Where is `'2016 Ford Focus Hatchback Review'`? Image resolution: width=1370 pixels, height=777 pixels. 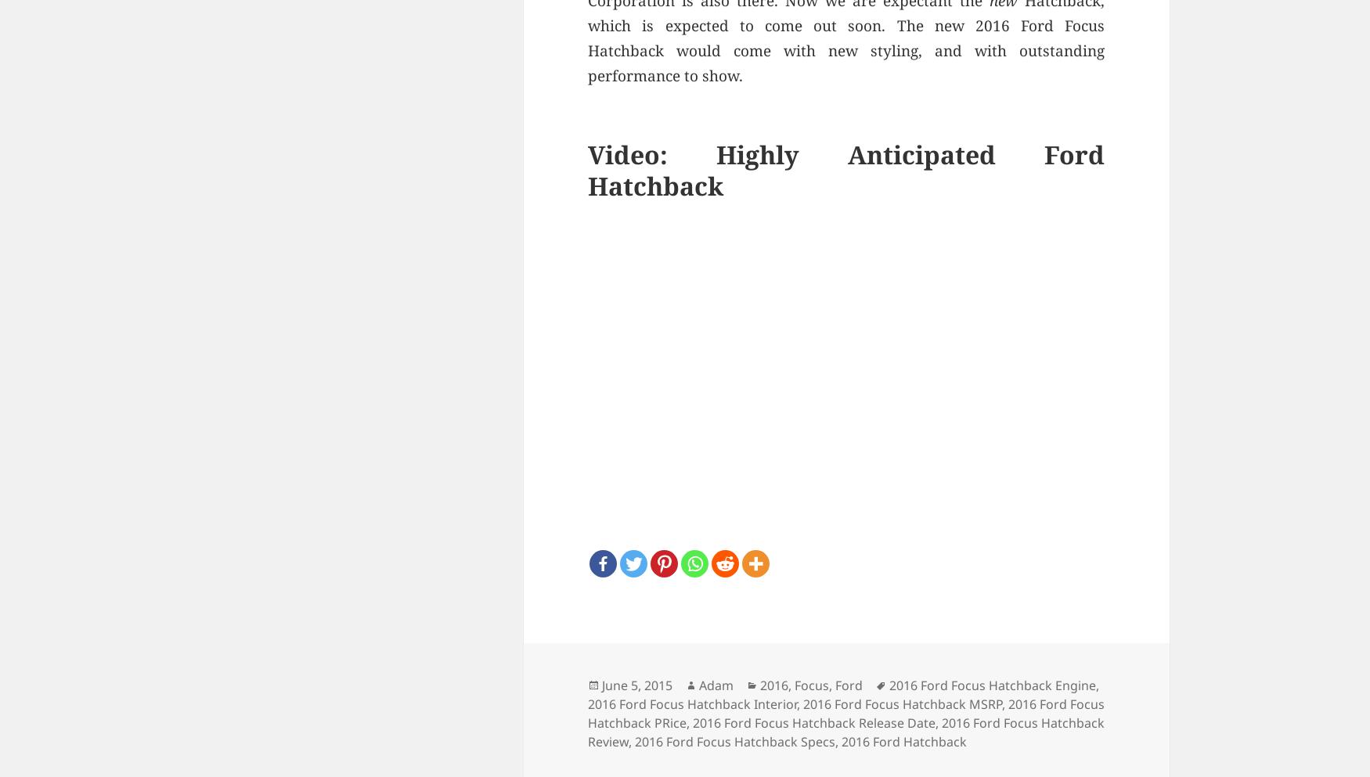 '2016 Ford Focus Hatchback Review' is located at coordinates (845, 731).